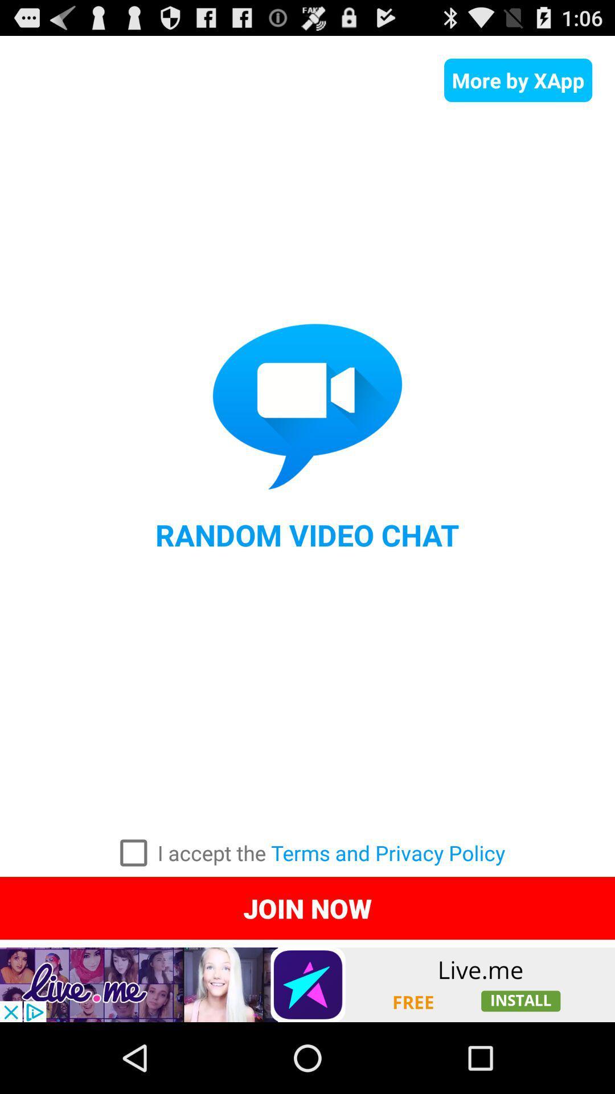 Image resolution: width=615 pixels, height=1094 pixels. Describe the element at coordinates (307, 984) in the screenshot. I see `advertisement` at that location.